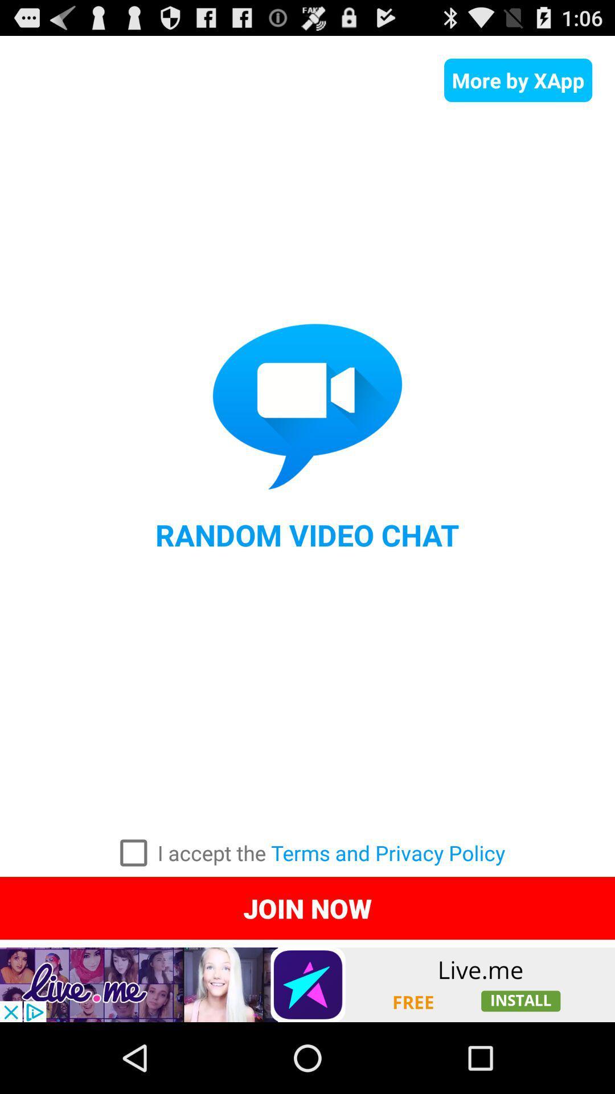 Image resolution: width=615 pixels, height=1094 pixels. Describe the element at coordinates (307, 984) in the screenshot. I see `advertisement` at that location.